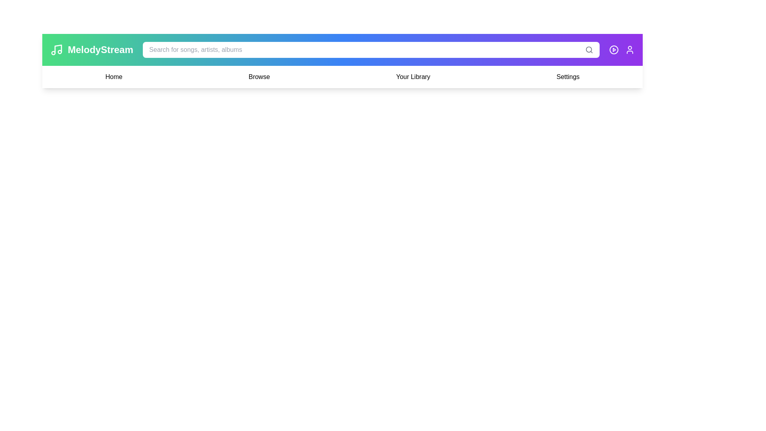 This screenshot has width=766, height=431. Describe the element at coordinates (589, 49) in the screenshot. I see `the search icon in the header` at that location.